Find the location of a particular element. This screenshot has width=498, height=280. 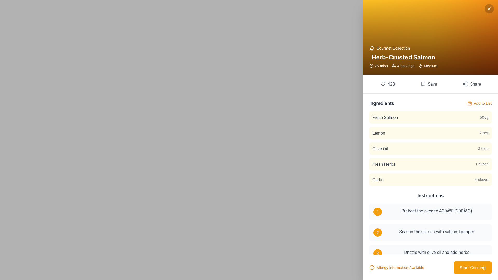

the button located on the top-right side of the 'Ingredients' section heading is located at coordinates (479, 103).